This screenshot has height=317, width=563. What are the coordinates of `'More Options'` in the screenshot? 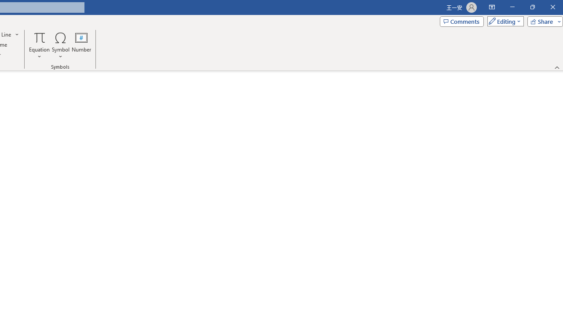 It's located at (39, 53).